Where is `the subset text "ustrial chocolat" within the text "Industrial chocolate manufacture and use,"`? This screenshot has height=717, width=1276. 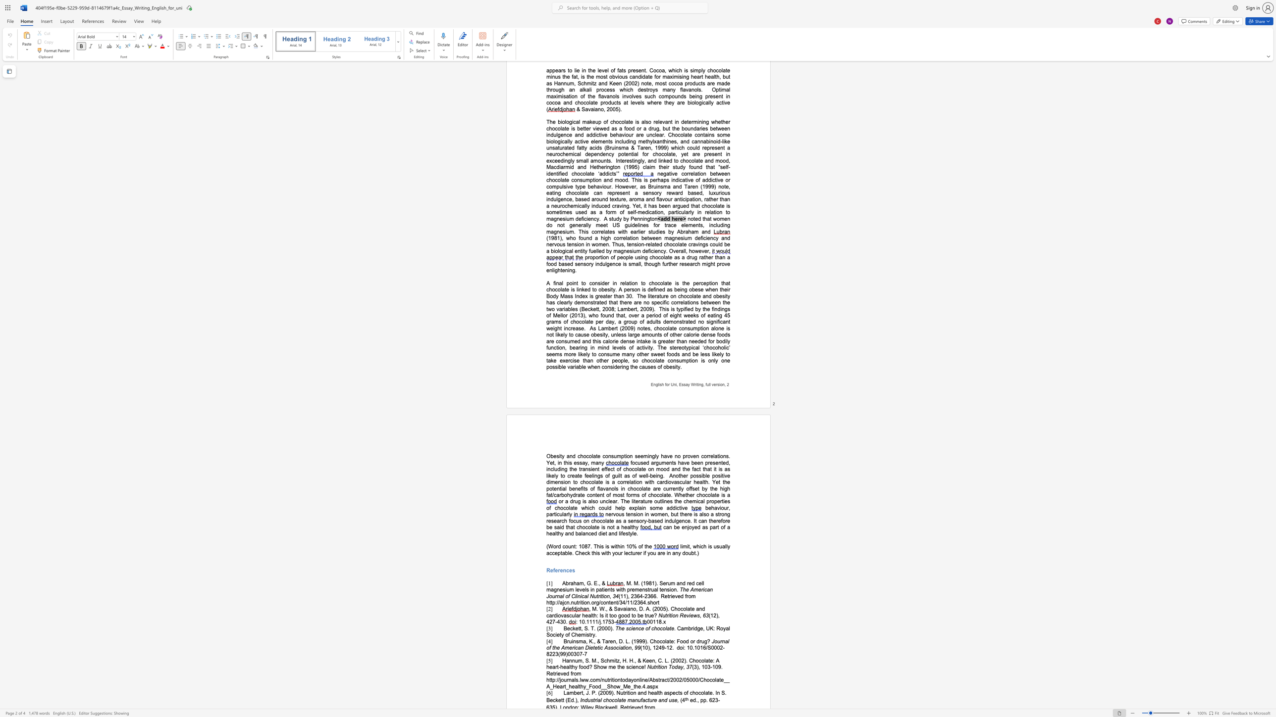 the subset text "ustrial chocolat" within the text "Industrial chocolate manufacture and use," is located at coordinates (587, 700).